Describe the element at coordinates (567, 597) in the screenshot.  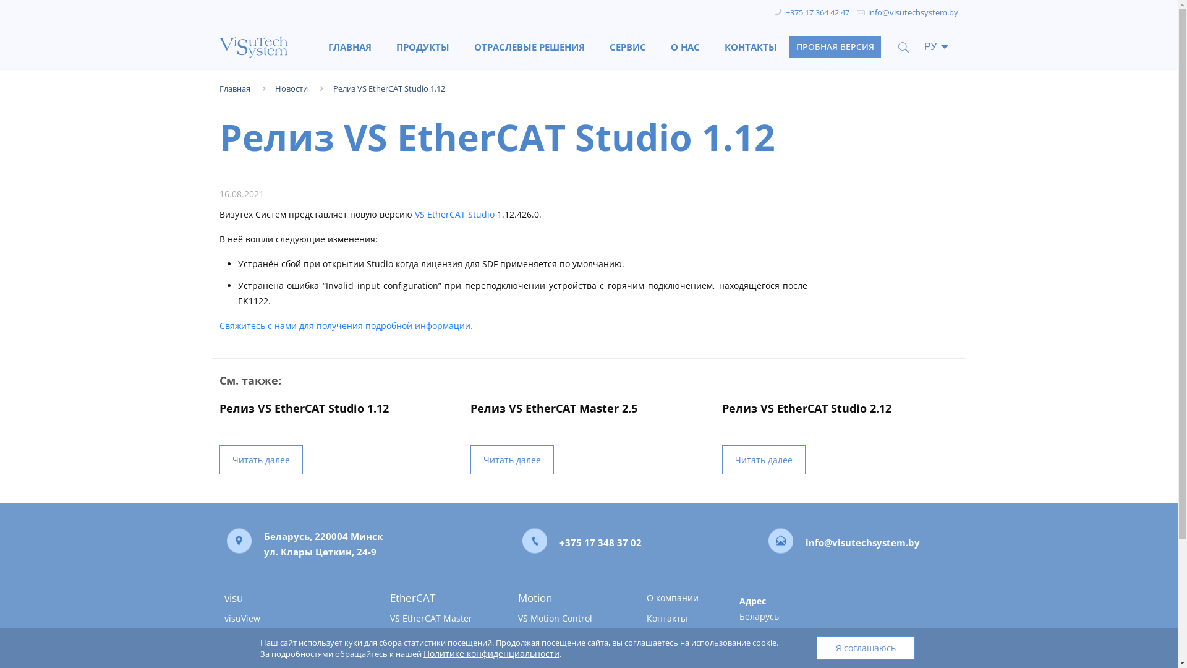
I see `'Motion'` at that location.